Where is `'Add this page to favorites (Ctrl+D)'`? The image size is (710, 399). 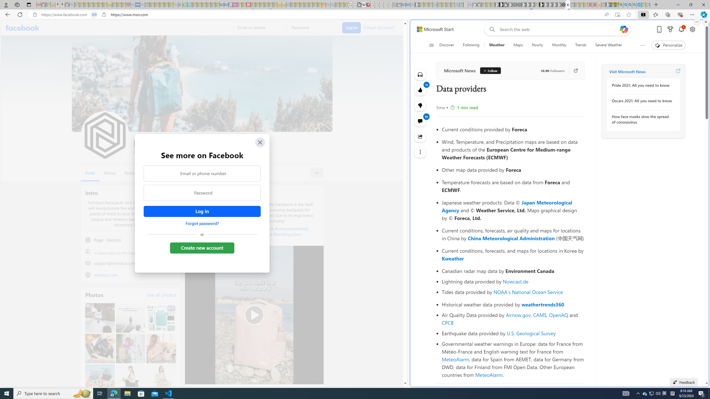
'Add this page to favorites (Ctrl+D)' is located at coordinates (628, 15).